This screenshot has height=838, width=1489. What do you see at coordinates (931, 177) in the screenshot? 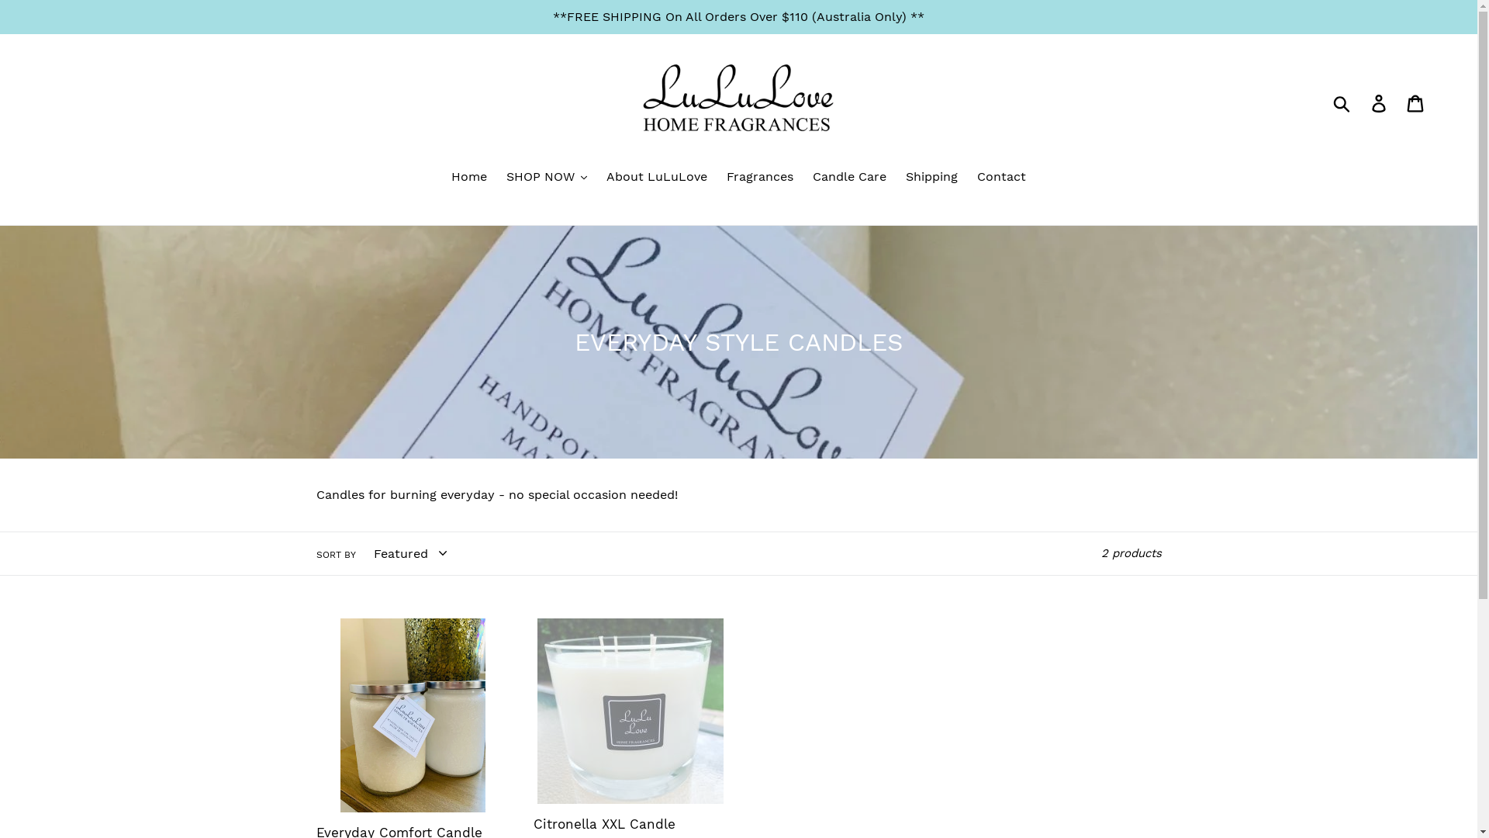
I see `'Shipping'` at bounding box center [931, 177].